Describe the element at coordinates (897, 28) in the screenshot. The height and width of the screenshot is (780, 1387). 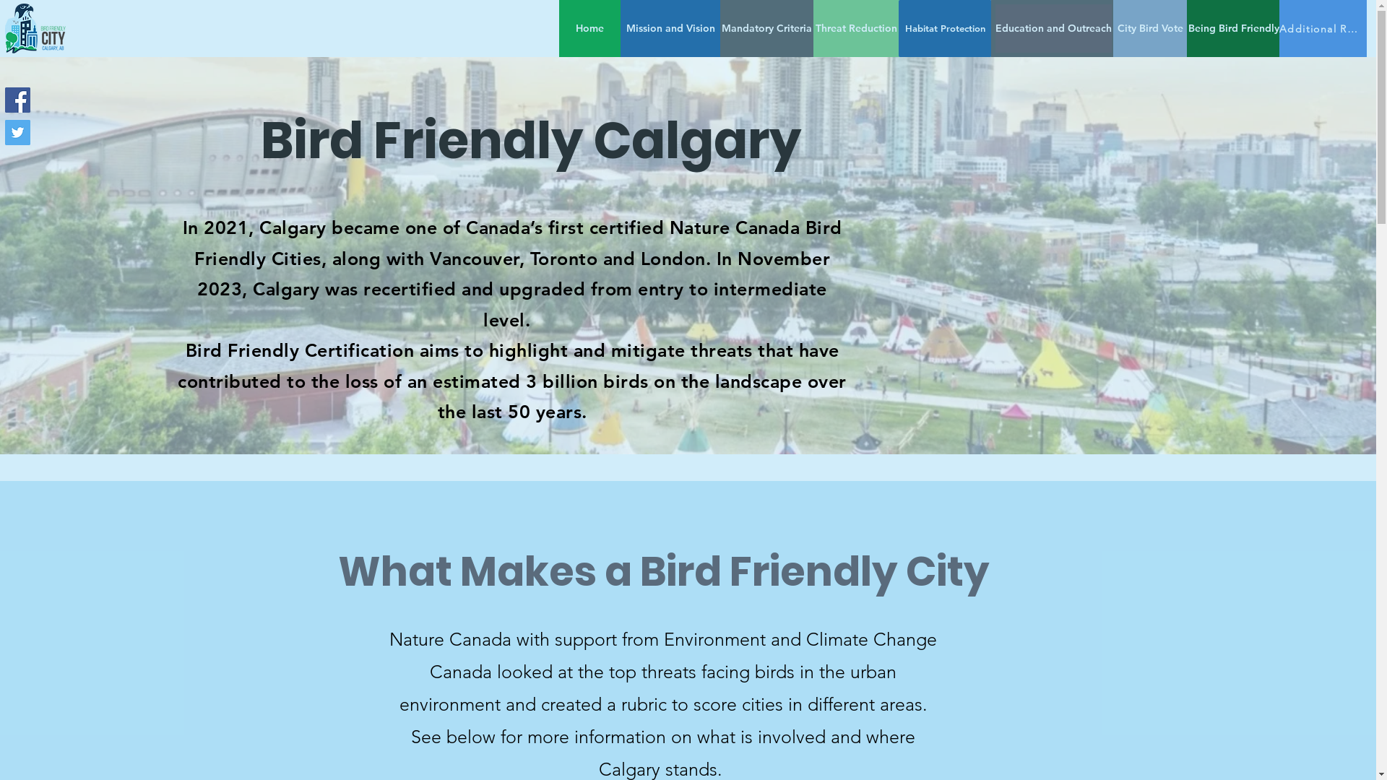
I see `'Habitat Protection'` at that location.